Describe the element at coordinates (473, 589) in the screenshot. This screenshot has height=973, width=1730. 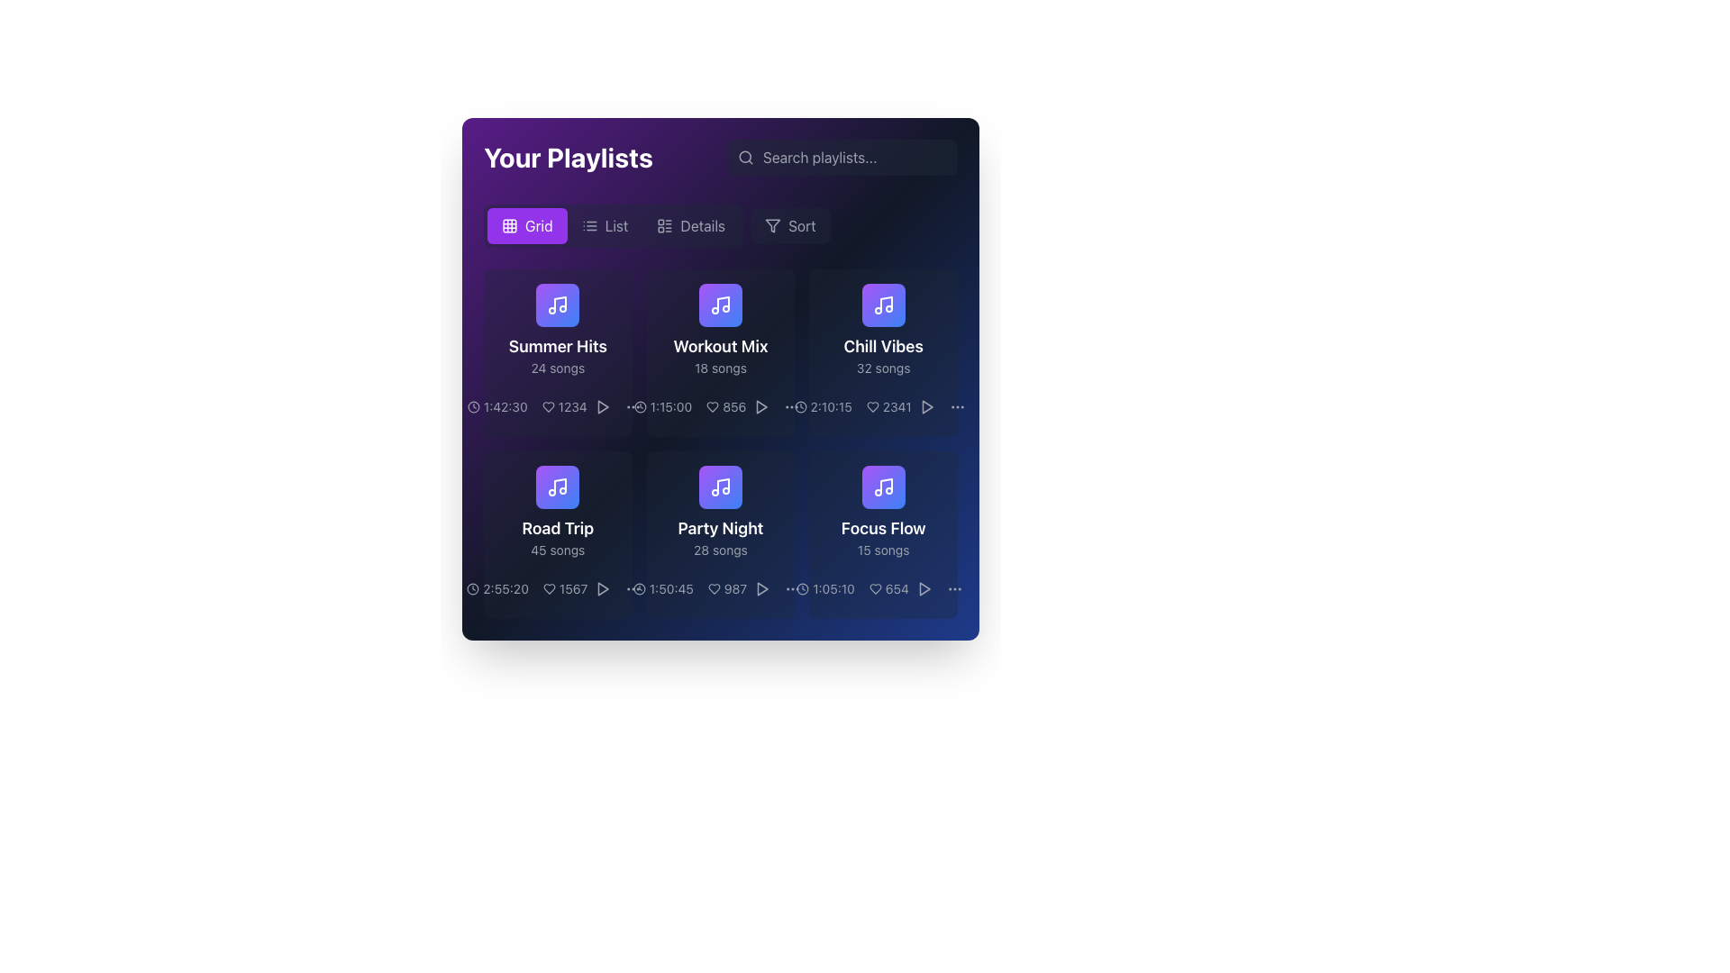
I see `the clock icon in the lower-left corner of the layout grid that indicates the duration of the 'Road Trip' playlist` at that location.